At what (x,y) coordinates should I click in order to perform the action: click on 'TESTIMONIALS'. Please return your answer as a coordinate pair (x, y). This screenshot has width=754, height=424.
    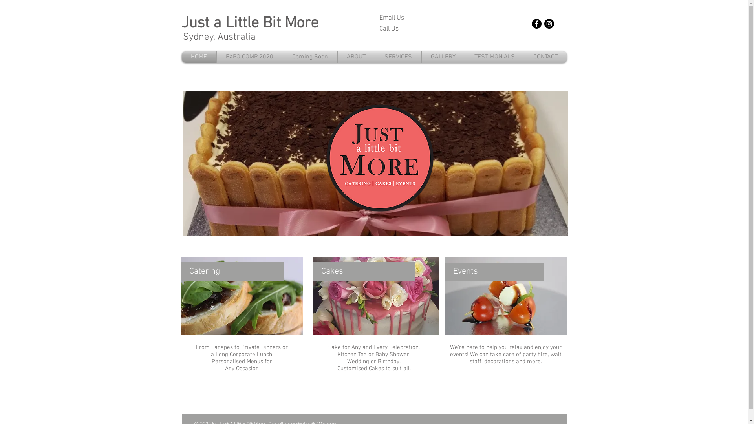
    Looking at the image, I should click on (494, 57).